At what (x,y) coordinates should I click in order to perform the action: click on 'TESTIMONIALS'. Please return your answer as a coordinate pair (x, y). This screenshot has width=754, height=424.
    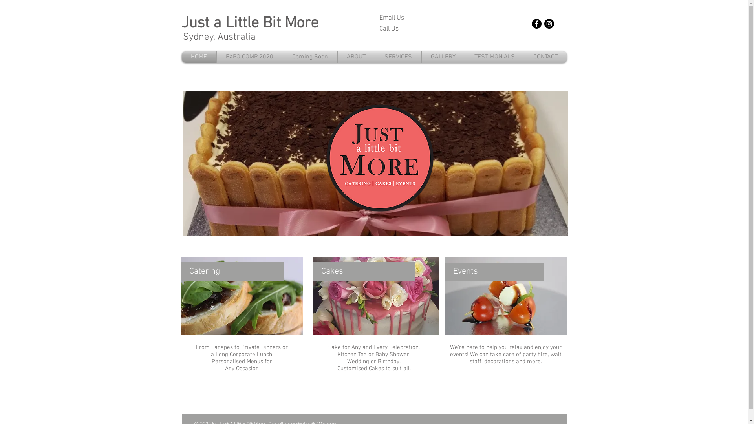
    Looking at the image, I should click on (494, 57).